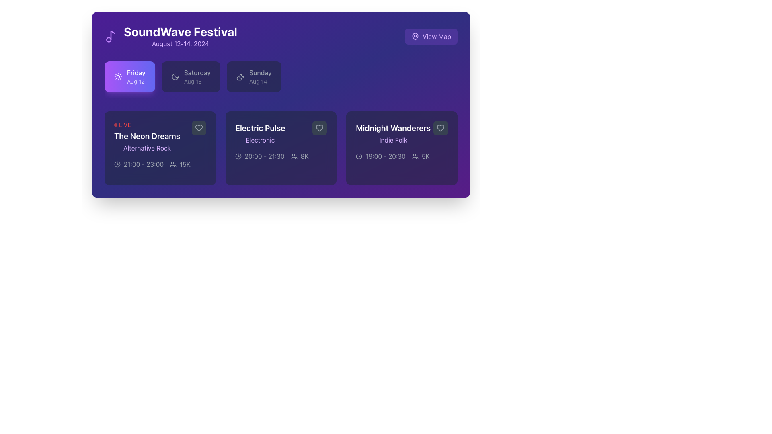 The height and width of the screenshot is (434, 772). Describe the element at coordinates (180, 31) in the screenshot. I see `the title text label located near the top-left corner of the interface, which is positioned above the subtitle text 'August 12-14, 2024'` at that location.